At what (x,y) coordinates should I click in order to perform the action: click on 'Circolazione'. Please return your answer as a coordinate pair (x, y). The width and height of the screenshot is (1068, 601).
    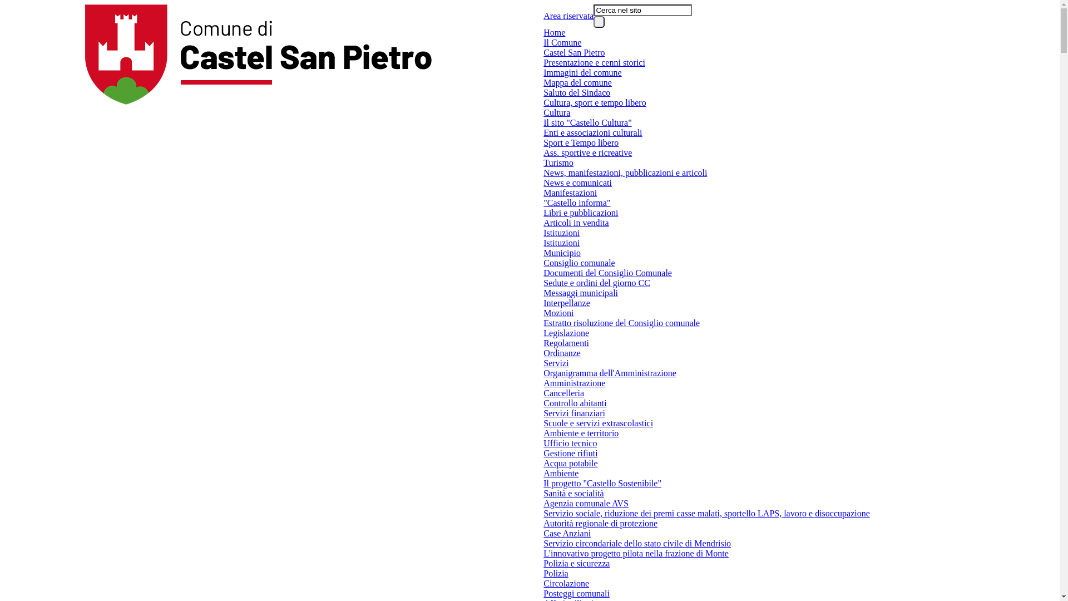
    Looking at the image, I should click on (566, 583).